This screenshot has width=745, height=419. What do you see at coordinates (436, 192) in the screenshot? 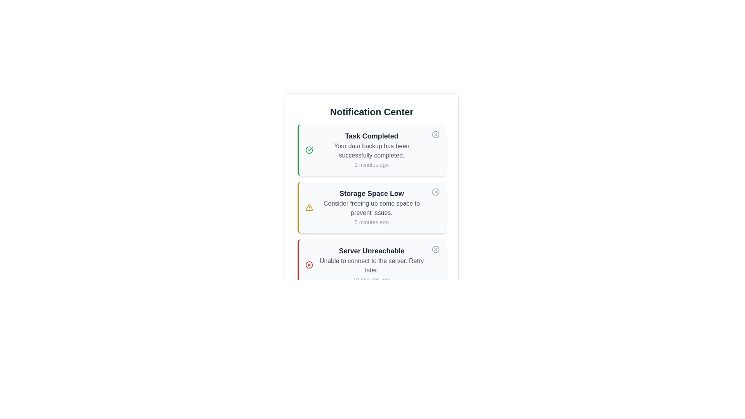
I see `the dismissal button for the 'Storage Space Low' notification located in the upper-right corner of the notification box` at bounding box center [436, 192].